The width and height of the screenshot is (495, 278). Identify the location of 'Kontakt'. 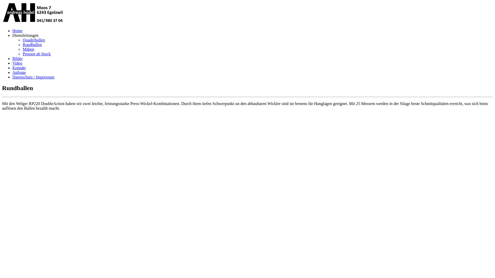
(19, 67).